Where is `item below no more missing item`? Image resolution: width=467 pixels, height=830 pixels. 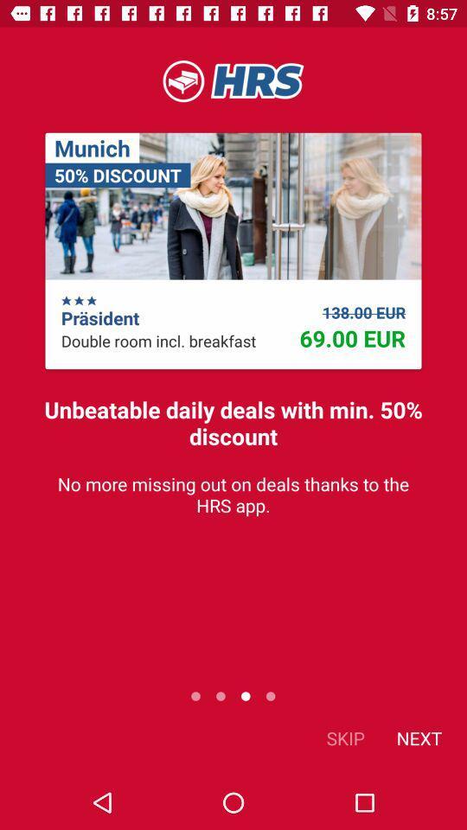 item below no more missing item is located at coordinates (345, 737).